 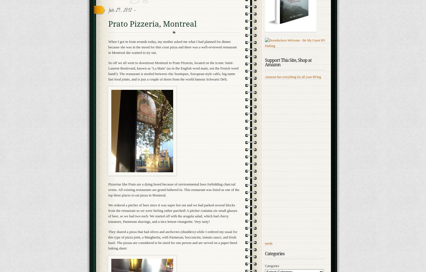 I want to click on 'Pizzerias like Prato are a dying breed because of environmental laws forbidding charcoal ovens. All existing restaurants are grand-fathered in. This restaurant was listed as one of the top three places to eat pizza in Montreal.', so click(x=173, y=189).